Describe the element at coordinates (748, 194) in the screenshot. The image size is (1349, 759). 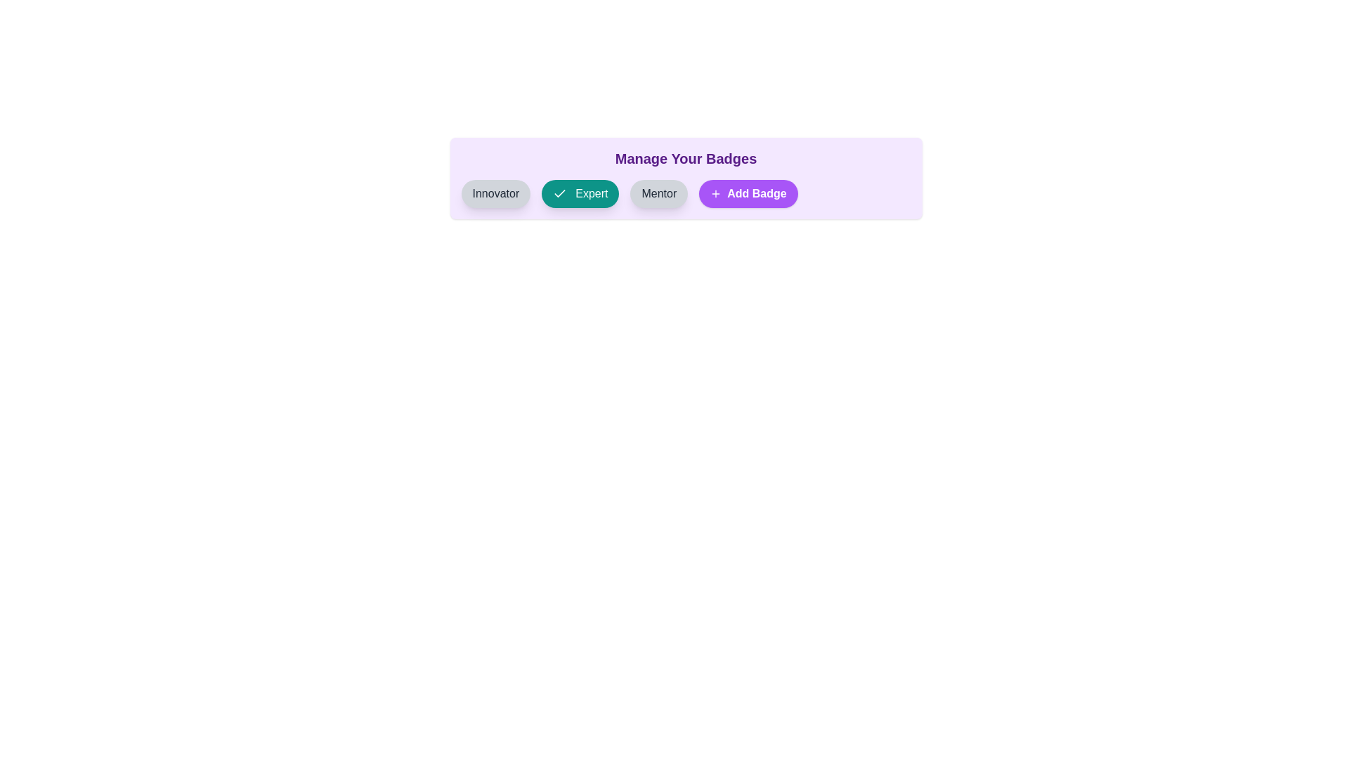
I see `'Add Badge' button` at that location.